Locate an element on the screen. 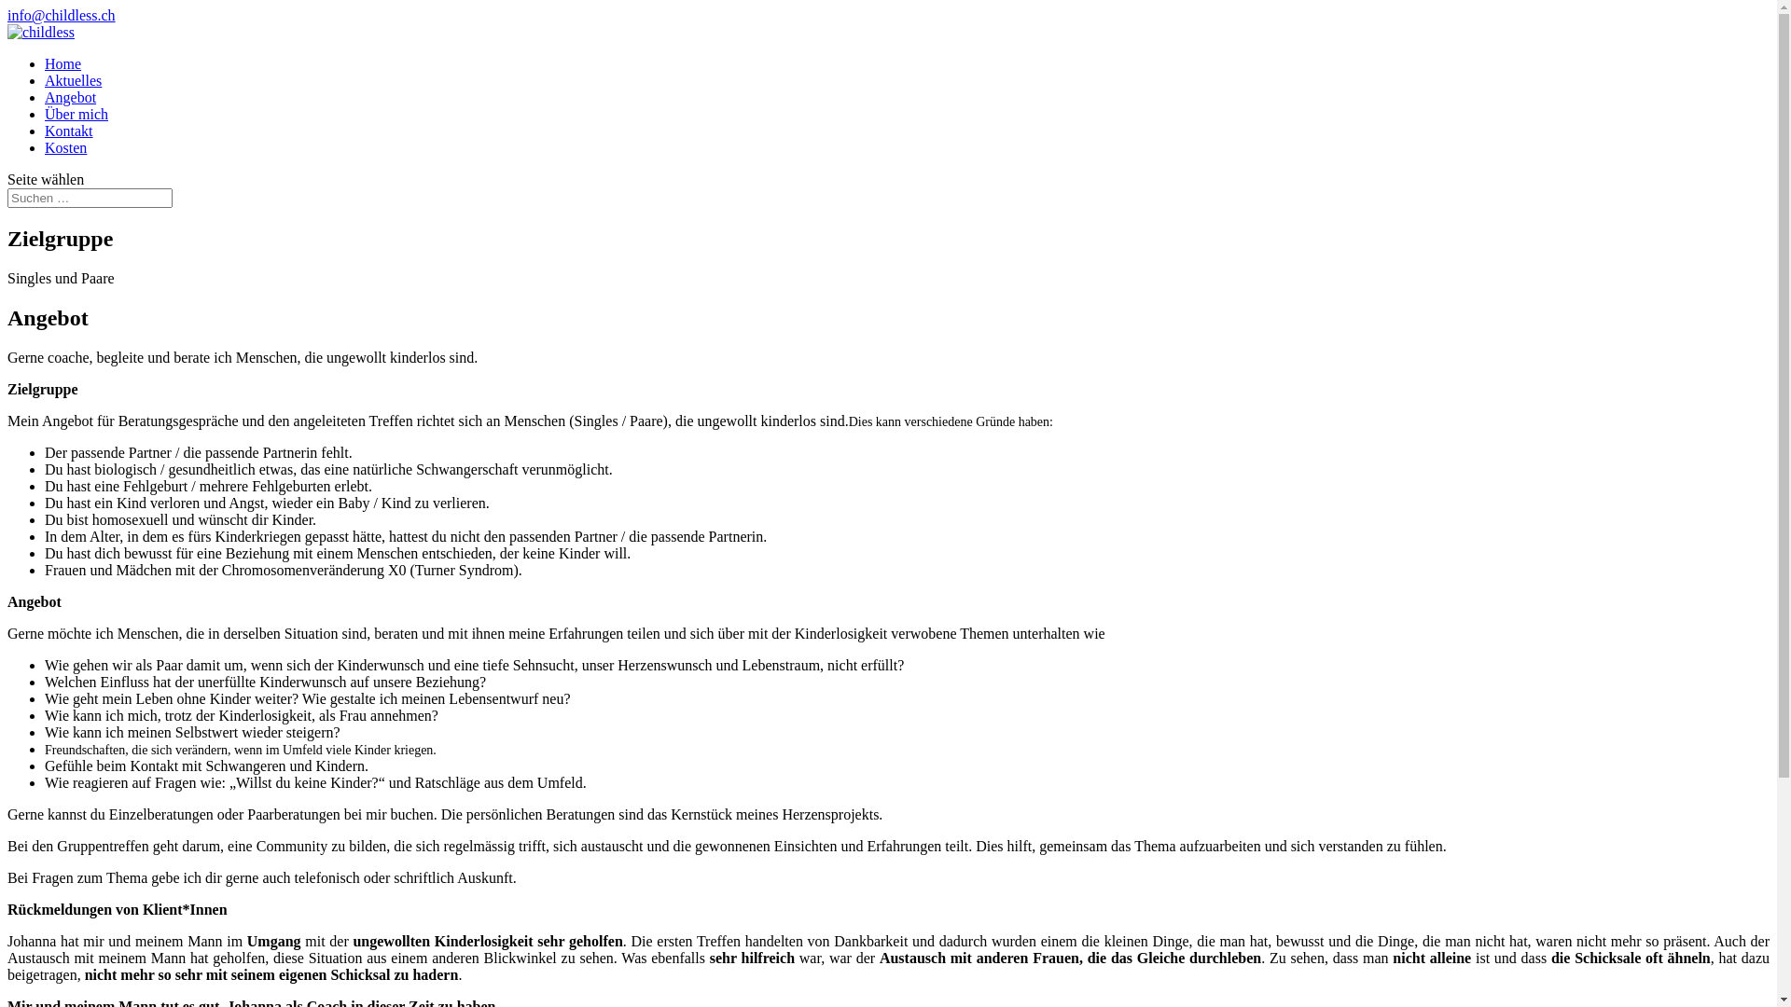 The image size is (1791, 1007). 'Home' is located at coordinates (62, 62).